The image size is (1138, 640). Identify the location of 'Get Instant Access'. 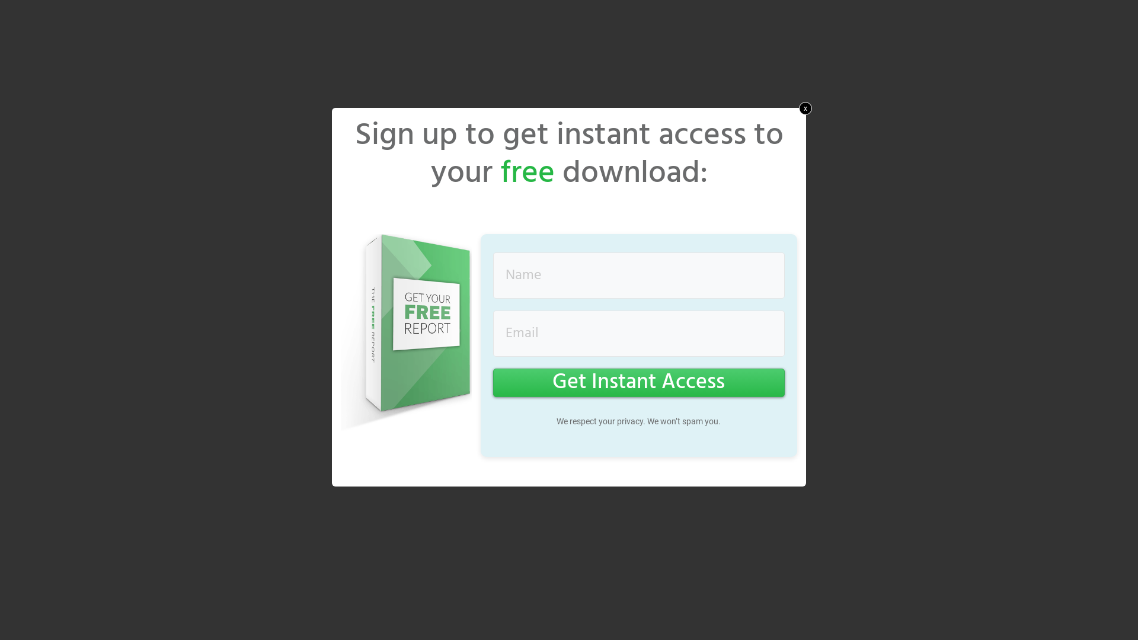
(638, 382).